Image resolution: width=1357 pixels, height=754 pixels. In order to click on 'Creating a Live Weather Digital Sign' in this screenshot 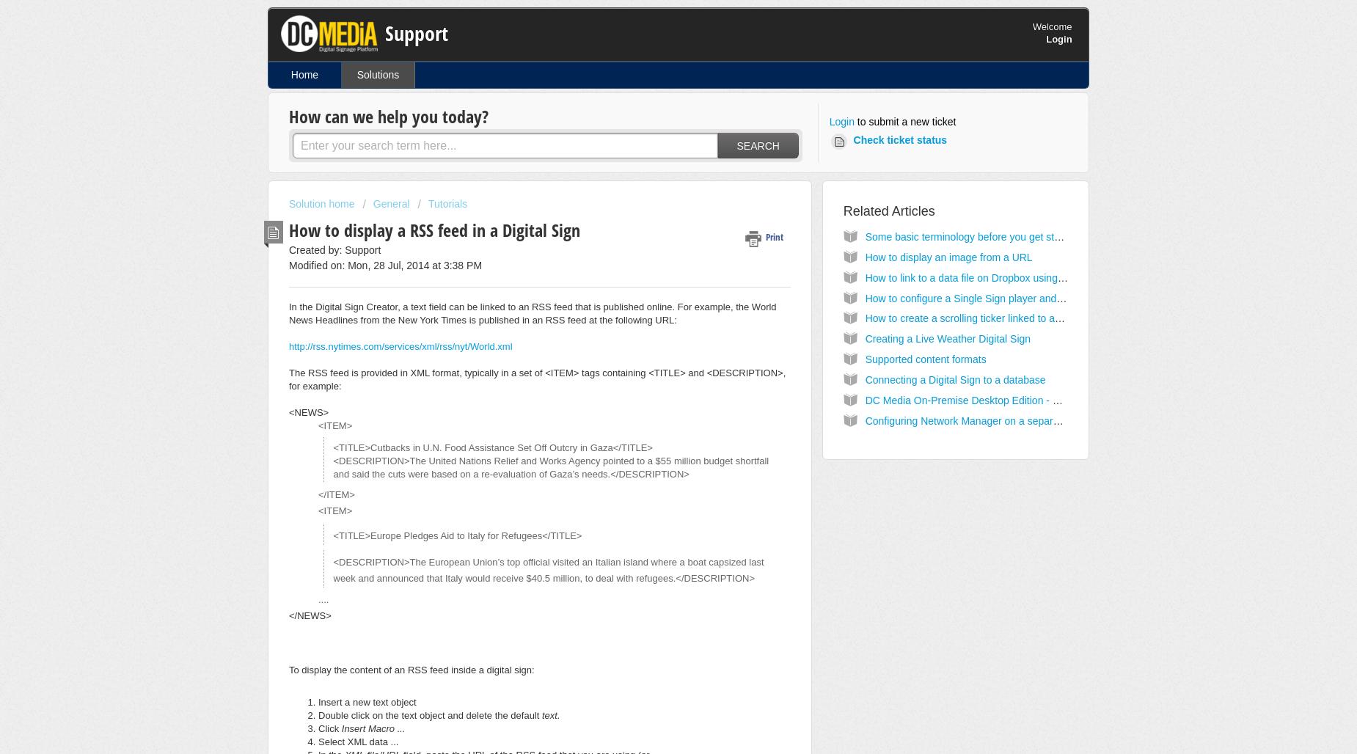, I will do `click(864, 337)`.